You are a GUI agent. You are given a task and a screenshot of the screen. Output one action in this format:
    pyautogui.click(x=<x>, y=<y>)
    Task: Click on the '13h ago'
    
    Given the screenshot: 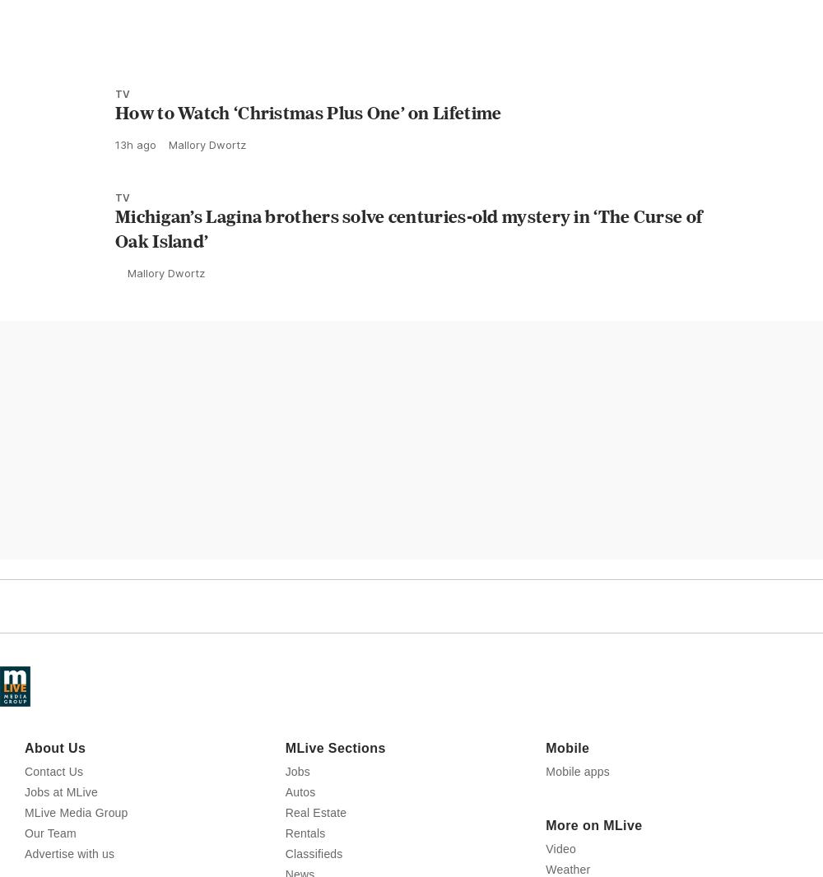 What is the action you would take?
    pyautogui.click(x=136, y=216)
    